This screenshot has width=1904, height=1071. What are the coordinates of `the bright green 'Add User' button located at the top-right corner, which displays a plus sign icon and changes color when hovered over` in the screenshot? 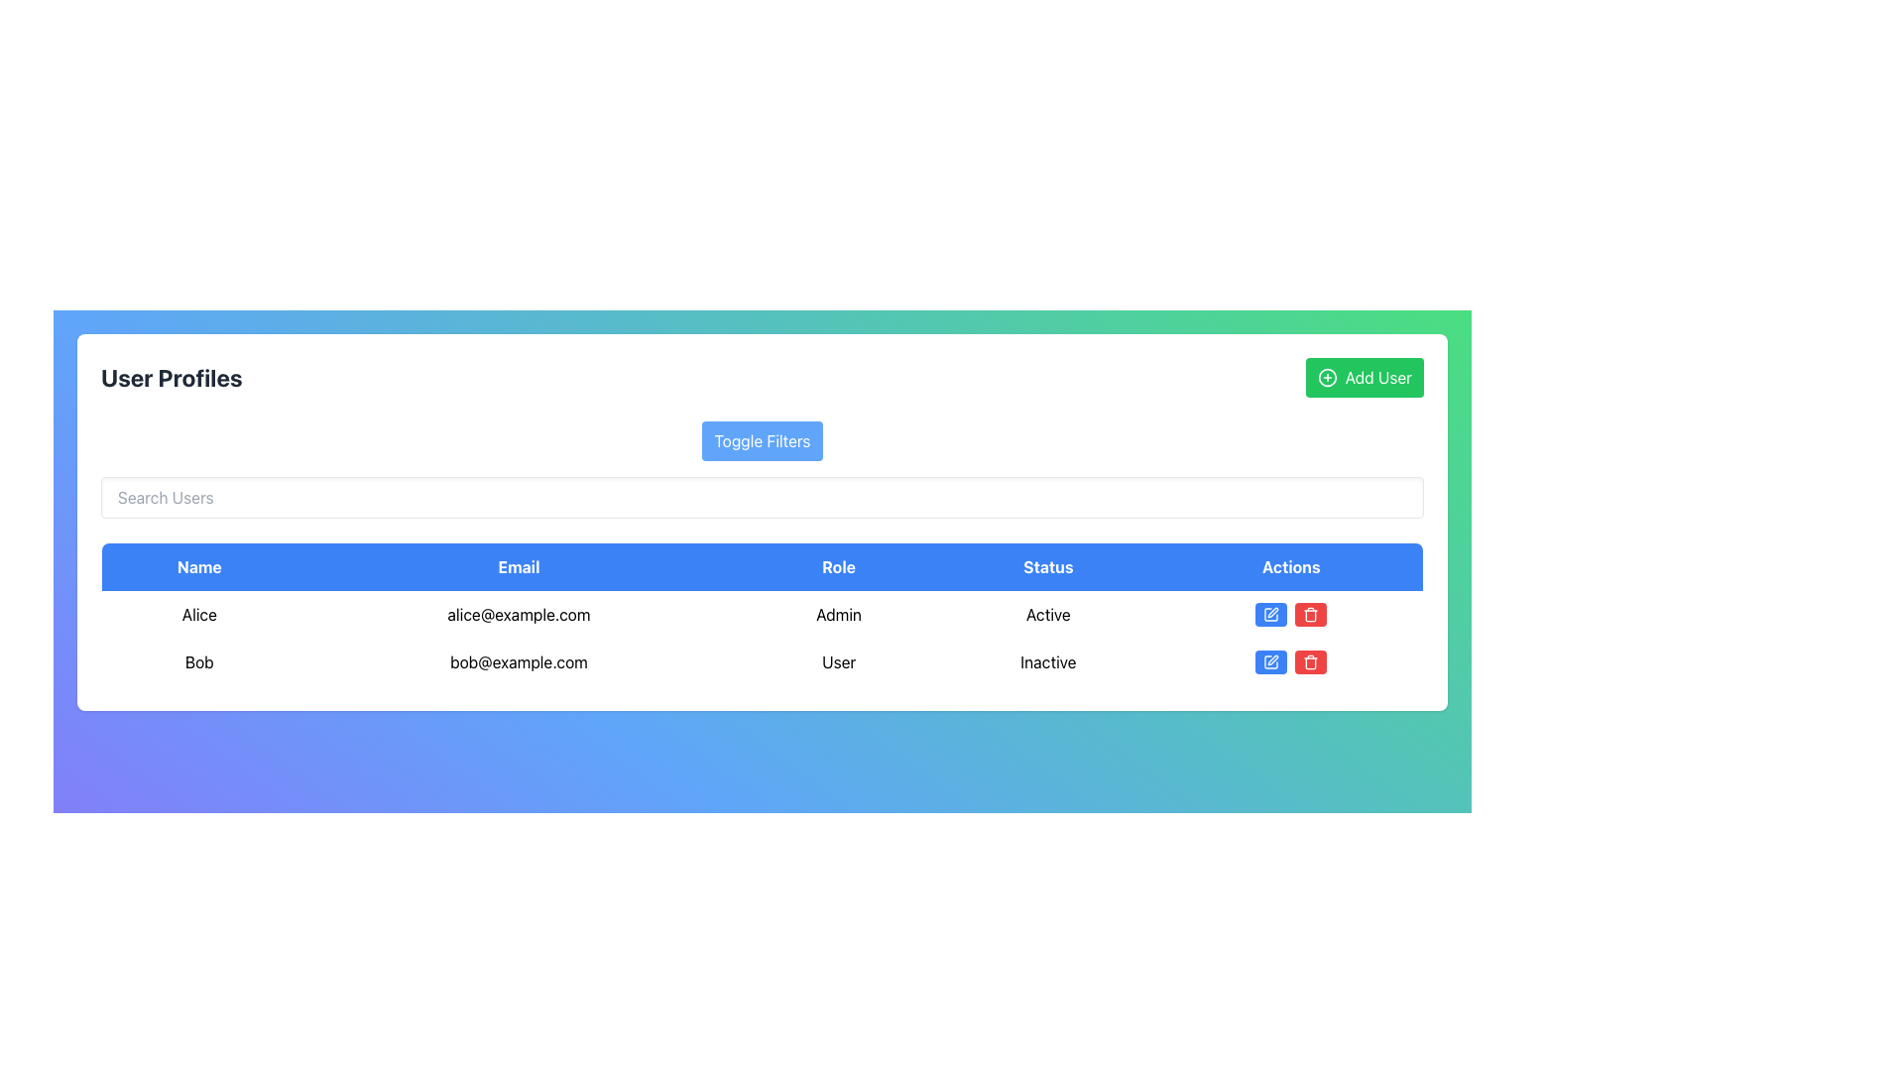 It's located at (1364, 378).